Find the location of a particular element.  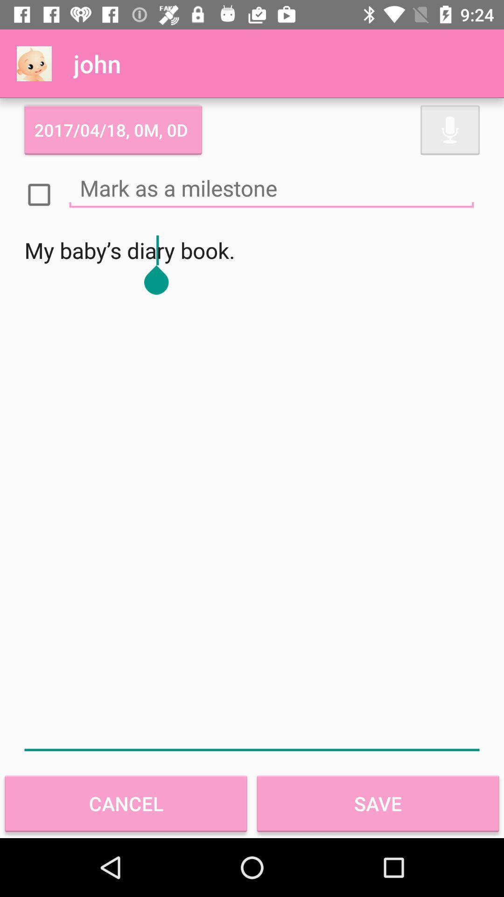

the cancel is located at coordinates (126, 803).